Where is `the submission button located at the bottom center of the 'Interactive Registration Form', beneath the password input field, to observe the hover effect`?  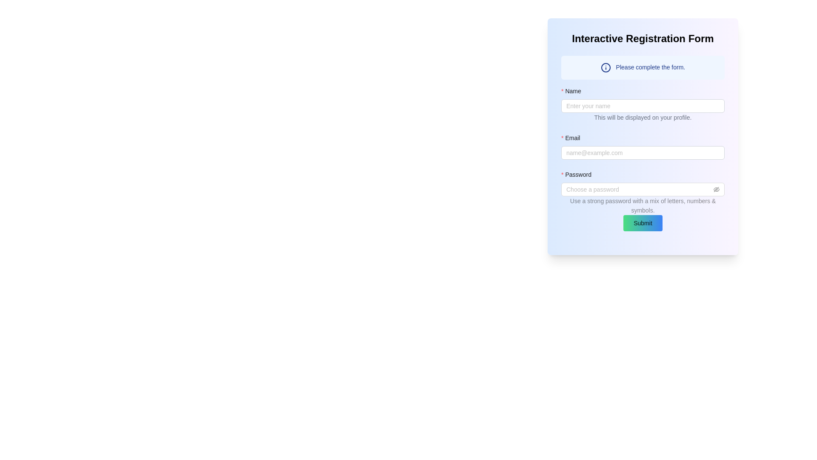
the submission button located at the bottom center of the 'Interactive Registration Form', beneath the password input field, to observe the hover effect is located at coordinates (643, 223).